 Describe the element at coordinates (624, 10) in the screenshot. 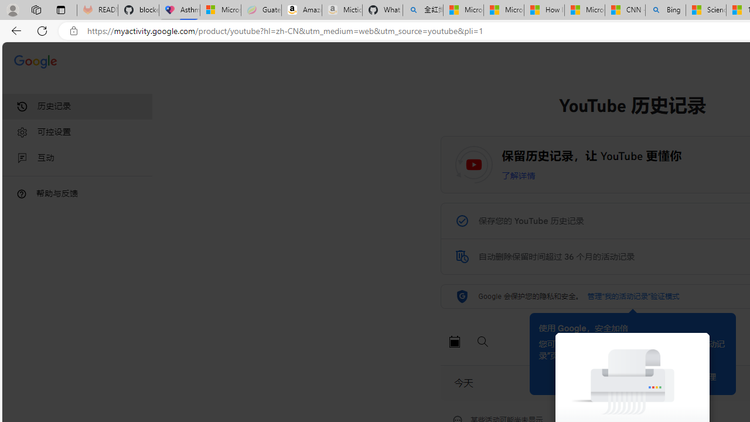

I see `'CNN - MSN'` at that location.